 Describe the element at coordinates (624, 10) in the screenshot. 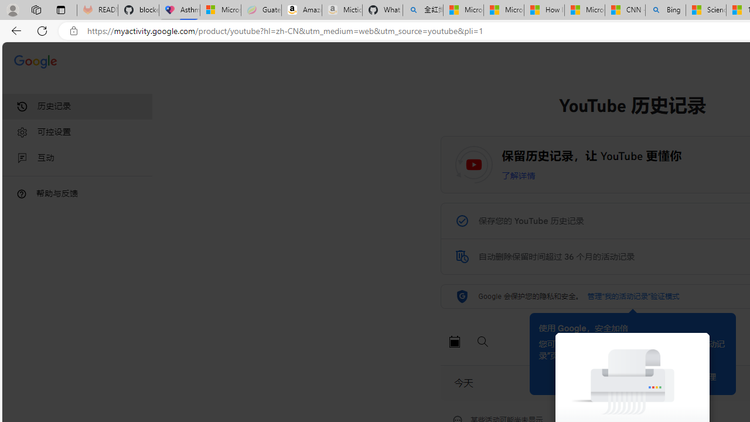

I see `'CNN - MSN'` at that location.